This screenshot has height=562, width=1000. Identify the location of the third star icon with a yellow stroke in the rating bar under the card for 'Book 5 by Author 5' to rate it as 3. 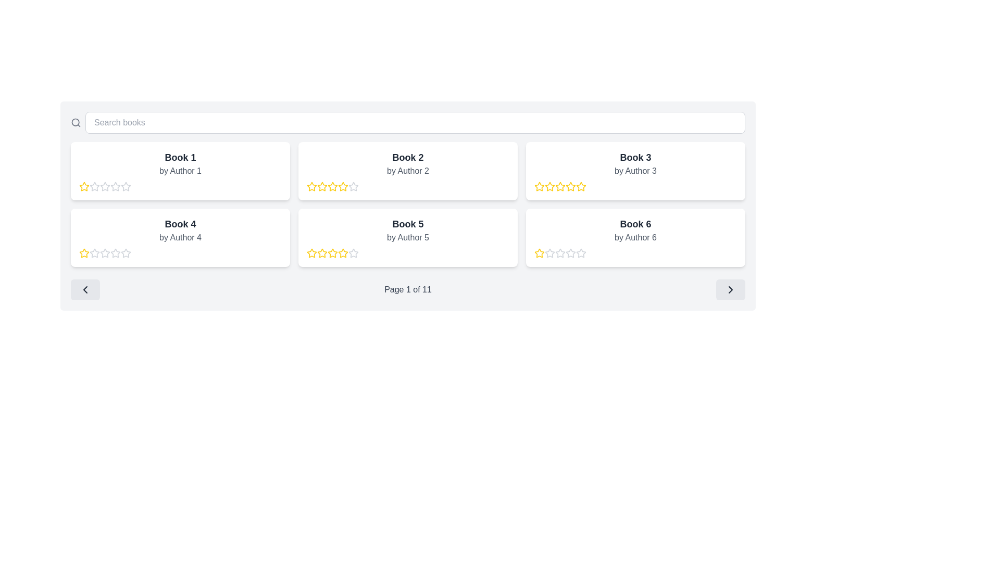
(322, 253).